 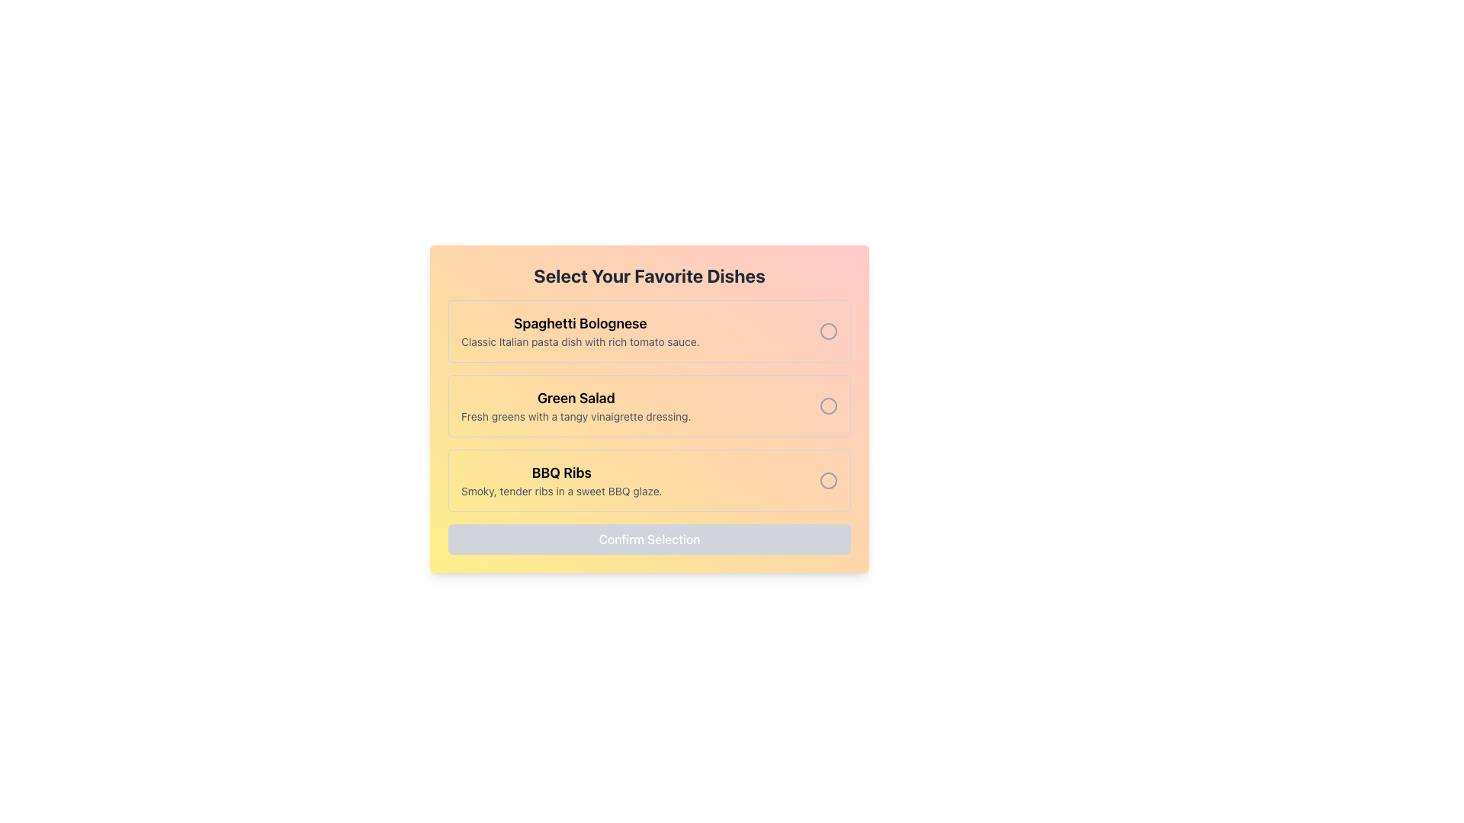 I want to click on descriptive text label located directly below the title 'Spaghetti Bolognese' in the first option group of the vertical list, so click(x=579, y=341).